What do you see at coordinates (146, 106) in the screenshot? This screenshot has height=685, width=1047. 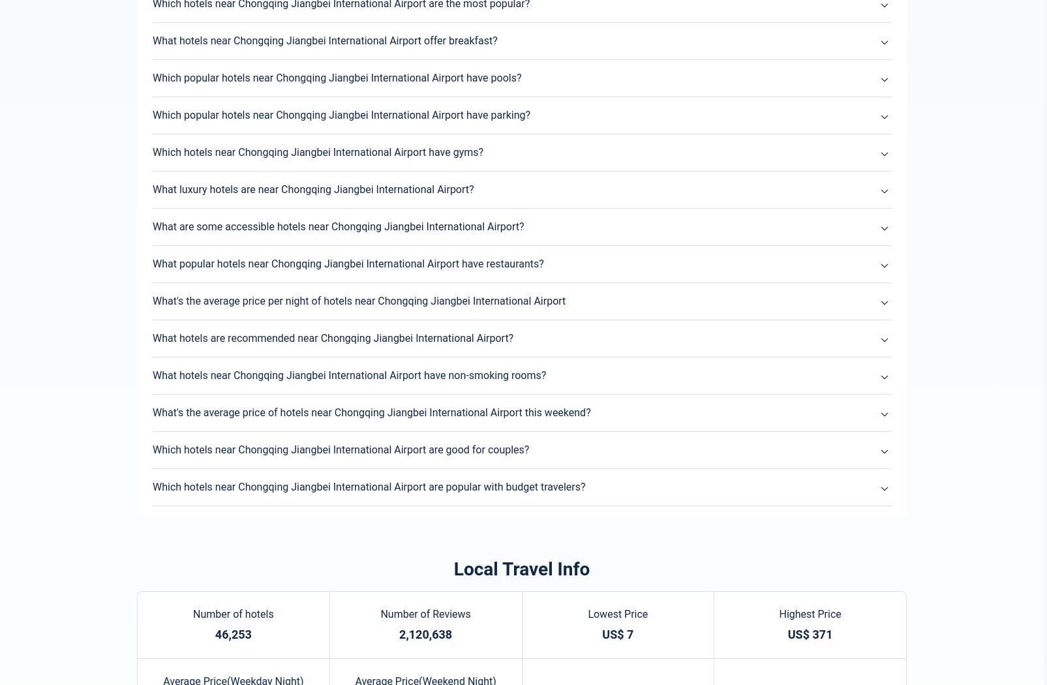 I see `'Discover our trending hotels close to Chongqing Jiangbei International Airport'` at bounding box center [146, 106].